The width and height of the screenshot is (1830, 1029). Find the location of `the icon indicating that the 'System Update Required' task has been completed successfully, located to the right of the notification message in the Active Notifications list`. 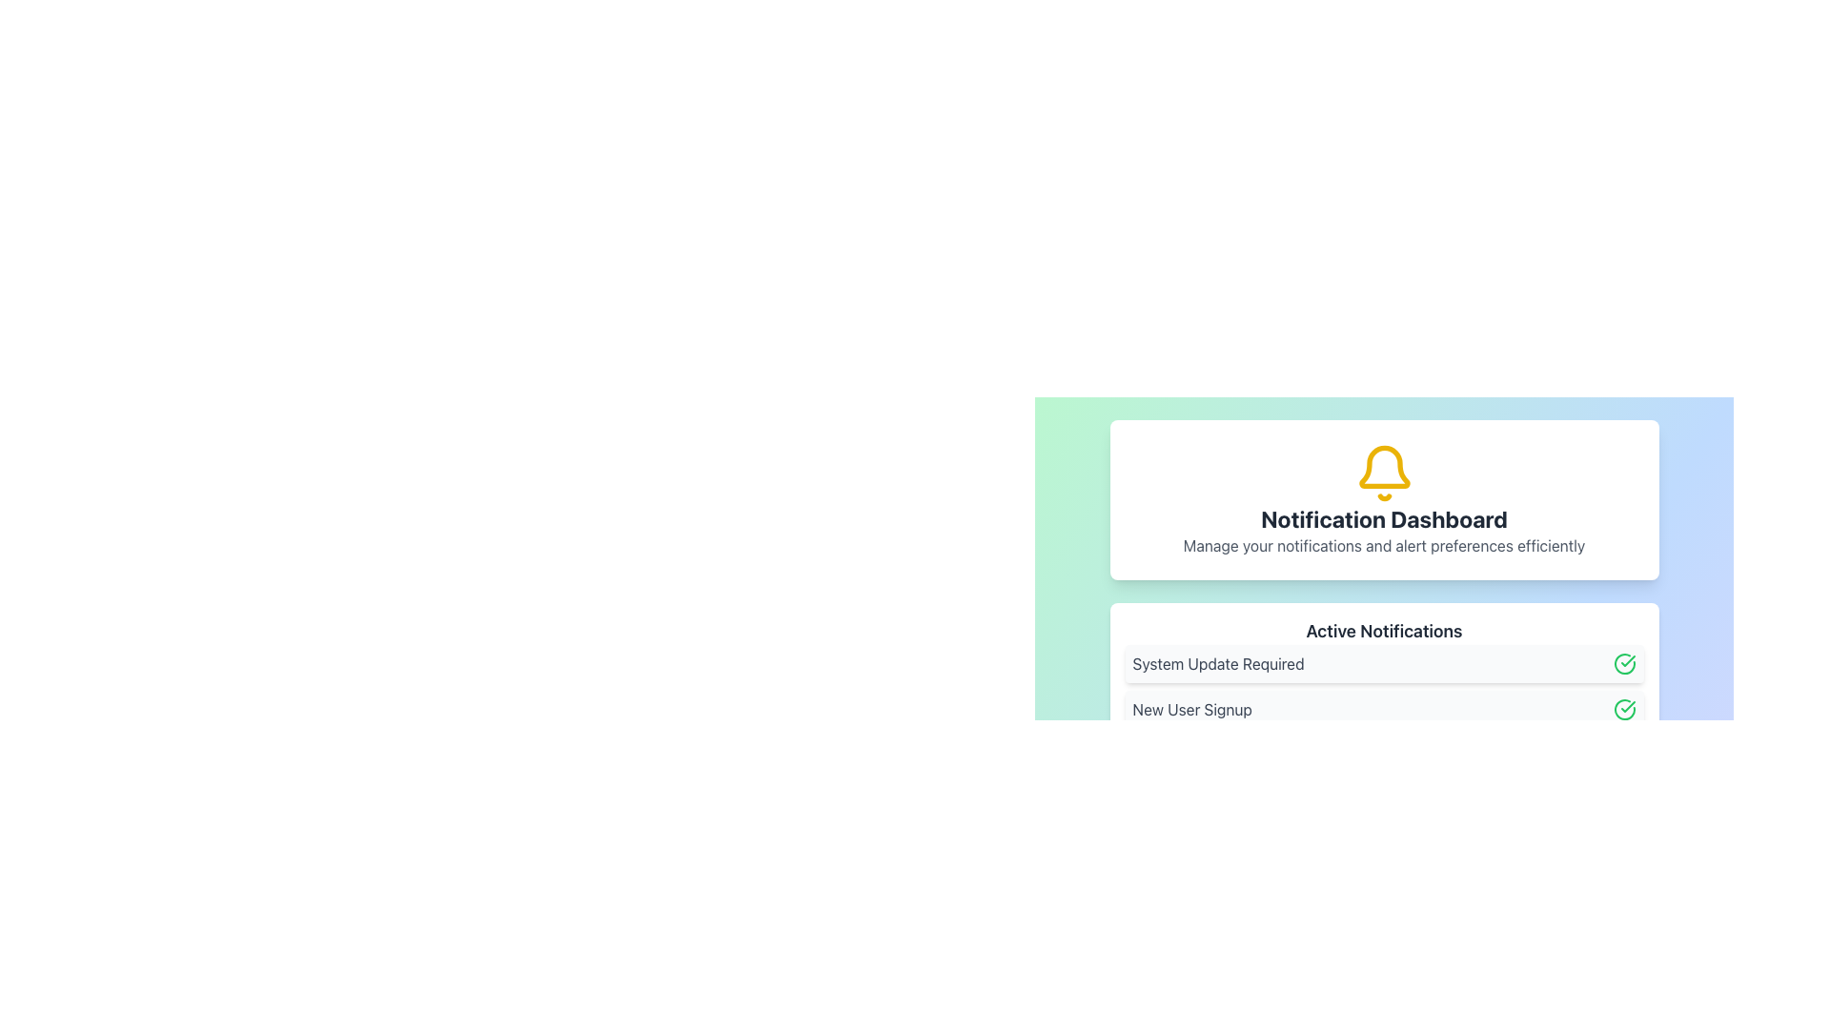

the icon indicating that the 'System Update Required' task has been completed successfully, located to the right of the notification message in the Active Notifications list is located at coordinates (1627, 706).